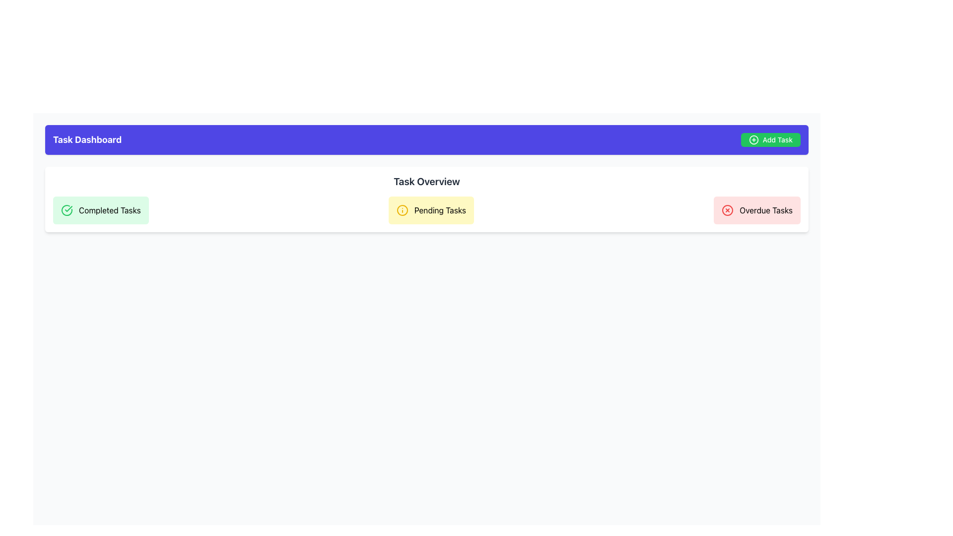  Describe the element at coordinates (753, 139) in the screenshot. I see `the graphical circle that is part of the 'Add Task' button icon, which visually enhances the button for adding tasks` at that location.